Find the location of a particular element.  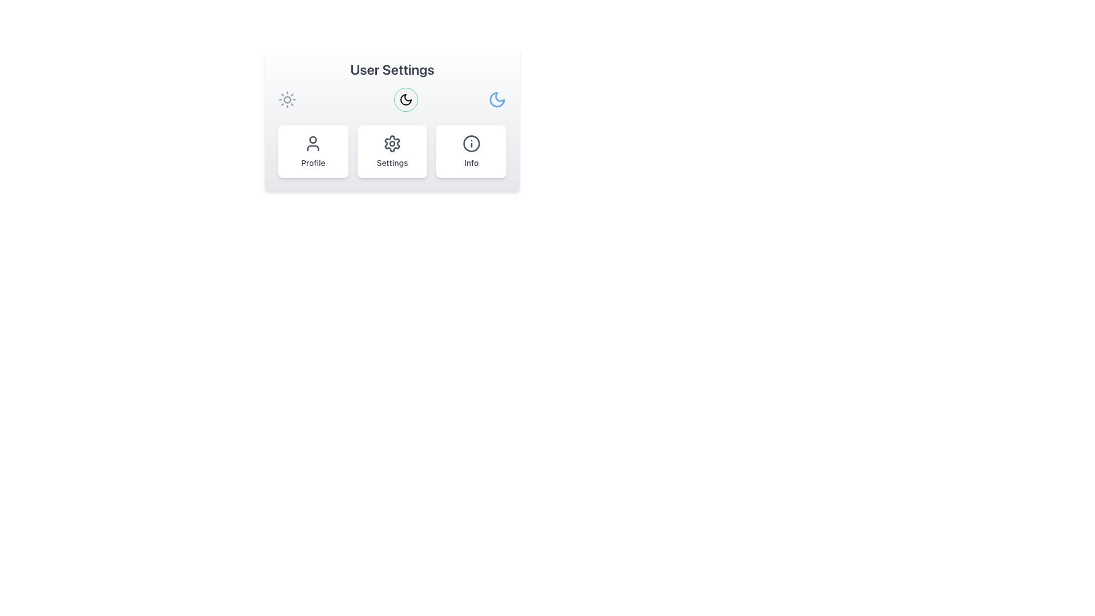

the A toggle button located in the 'User Settings' section is located at coordinates (405, 99).